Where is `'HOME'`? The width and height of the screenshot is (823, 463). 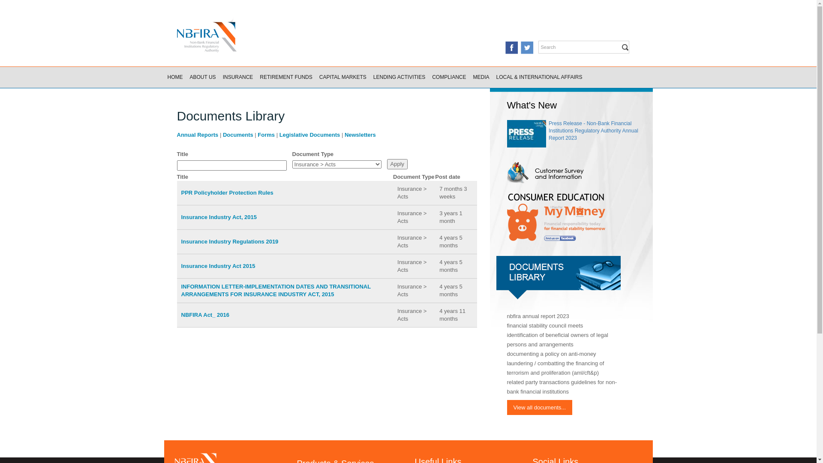 'HOME' is located at coordinates (174, 77).